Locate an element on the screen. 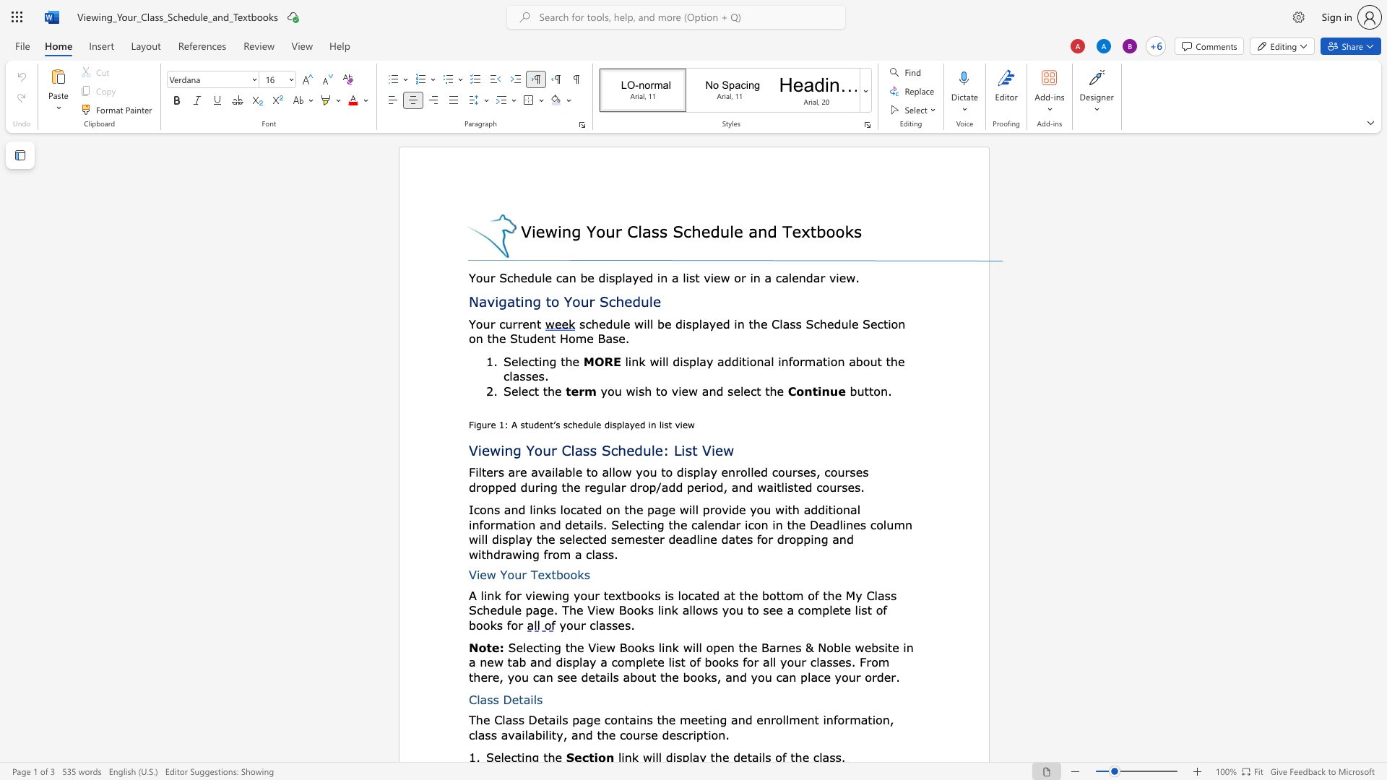 This screenshot has width=1387, height=780. the space between the continuous character "V" and "i" in the text is located at coordinates (529, 230).